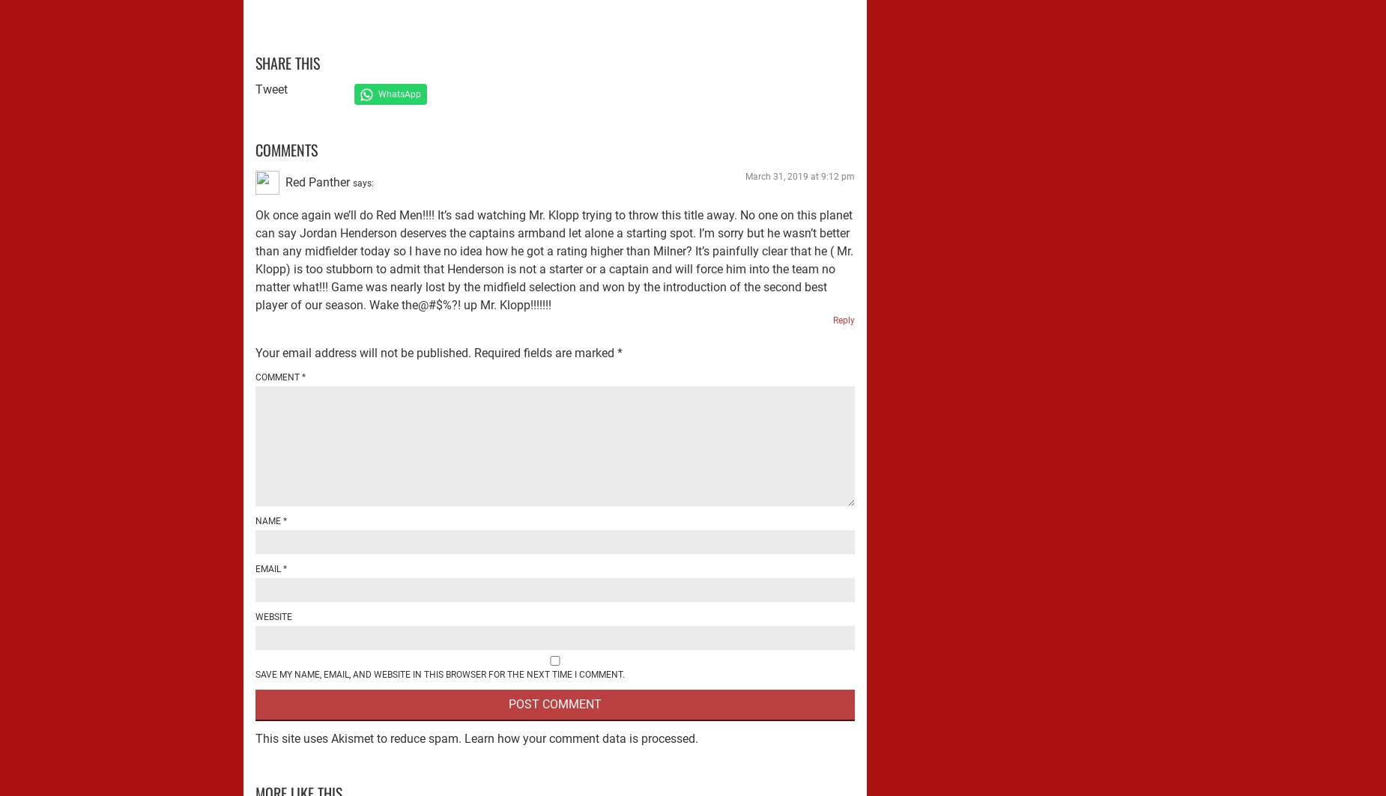  What do you see at coordinates (363, 352) in the screenshot?
I see `'Your email address will not be published.'` at bounding box center [363, 352].